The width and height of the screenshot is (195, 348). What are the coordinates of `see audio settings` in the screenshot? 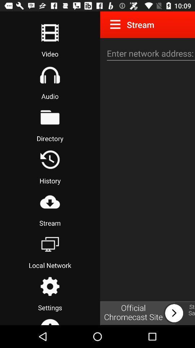 It's located at (49, 75).